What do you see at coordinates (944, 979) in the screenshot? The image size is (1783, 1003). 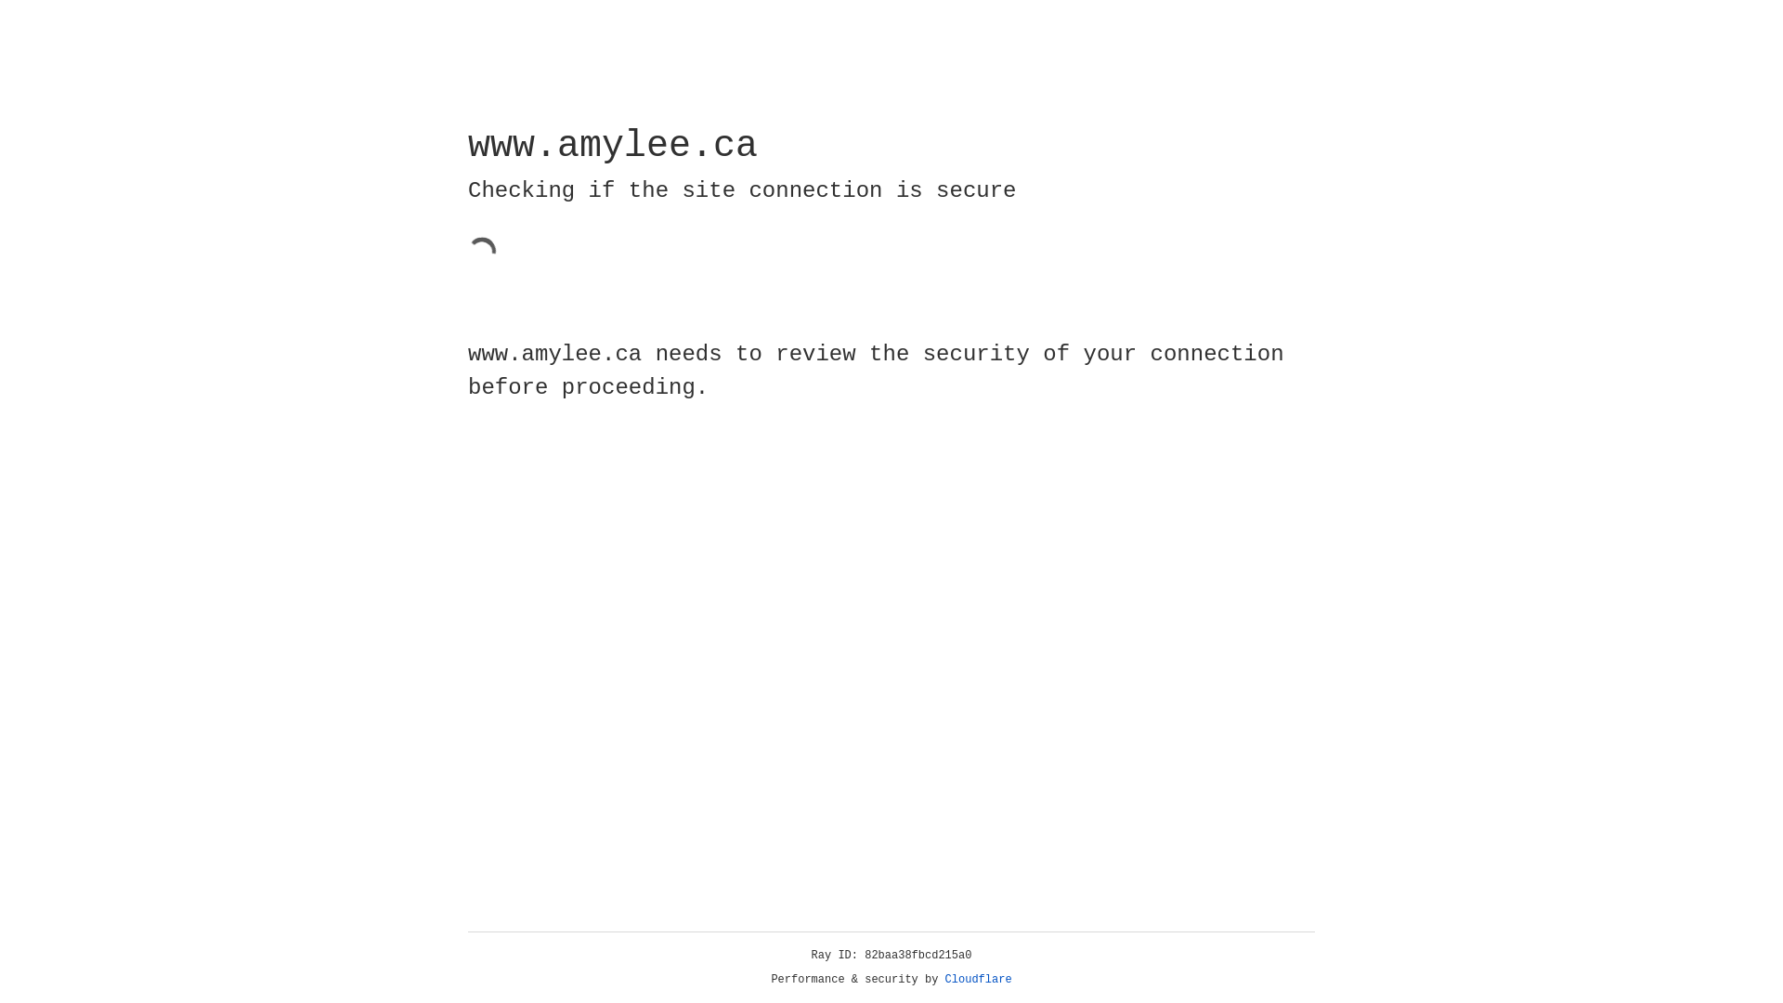 I see `'Cloudflare'` at bounding box center [944, 979].